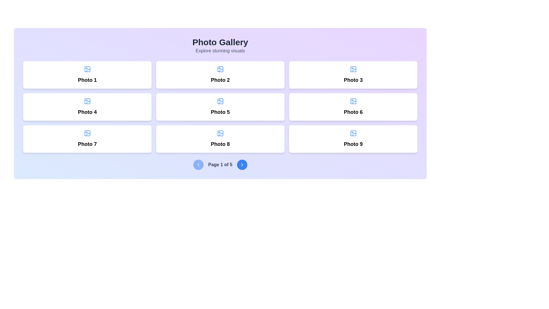 Image resolution: width=549 pixels, height=309 pixels. What do you see at coordinates (353, 69) in the screenshot?
I see `the image placeholder icon located in the top section of the card labeled 'Photo 3' in the photo grid, which is centered above the text 'Photo 3'` at bounding box center [353, 69].